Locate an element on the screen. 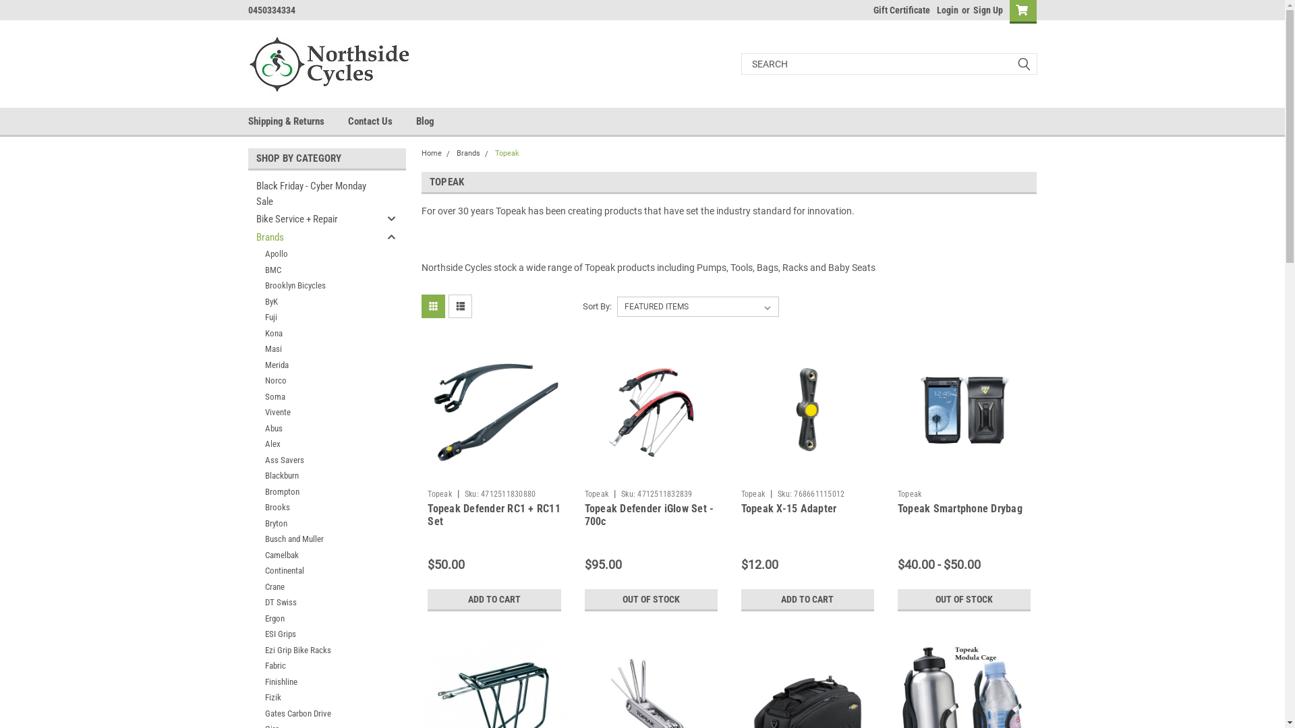  'Topeak Defender RC1 + RC11 Set' is located at coordinates (493, 409).